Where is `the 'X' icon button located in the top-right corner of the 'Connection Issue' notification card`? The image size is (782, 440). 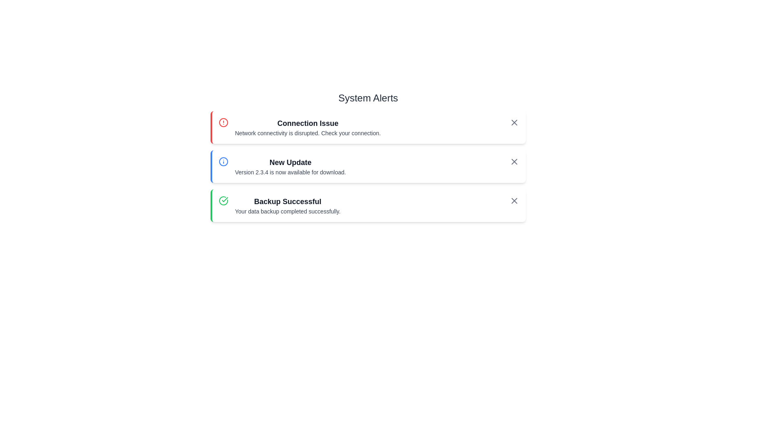
the 'X' icon button located in the top-right corner of the 'Connection Issue' notification card is located at coordinates (514, 122).